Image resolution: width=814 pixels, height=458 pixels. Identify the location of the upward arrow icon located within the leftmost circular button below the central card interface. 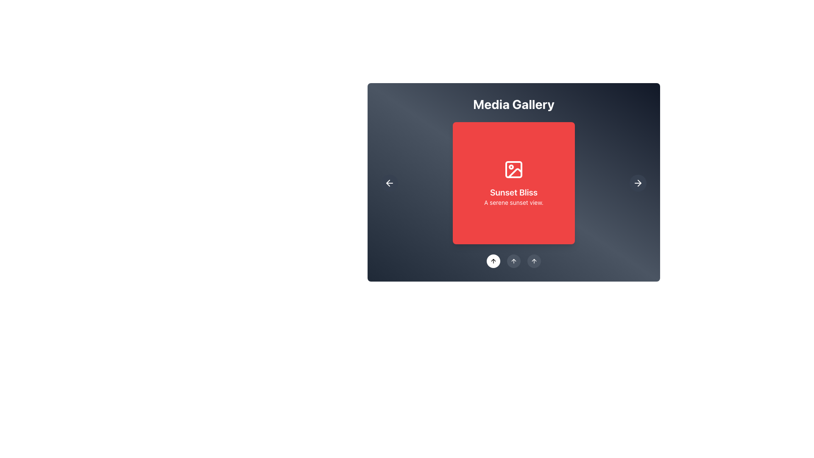
(533, 261).